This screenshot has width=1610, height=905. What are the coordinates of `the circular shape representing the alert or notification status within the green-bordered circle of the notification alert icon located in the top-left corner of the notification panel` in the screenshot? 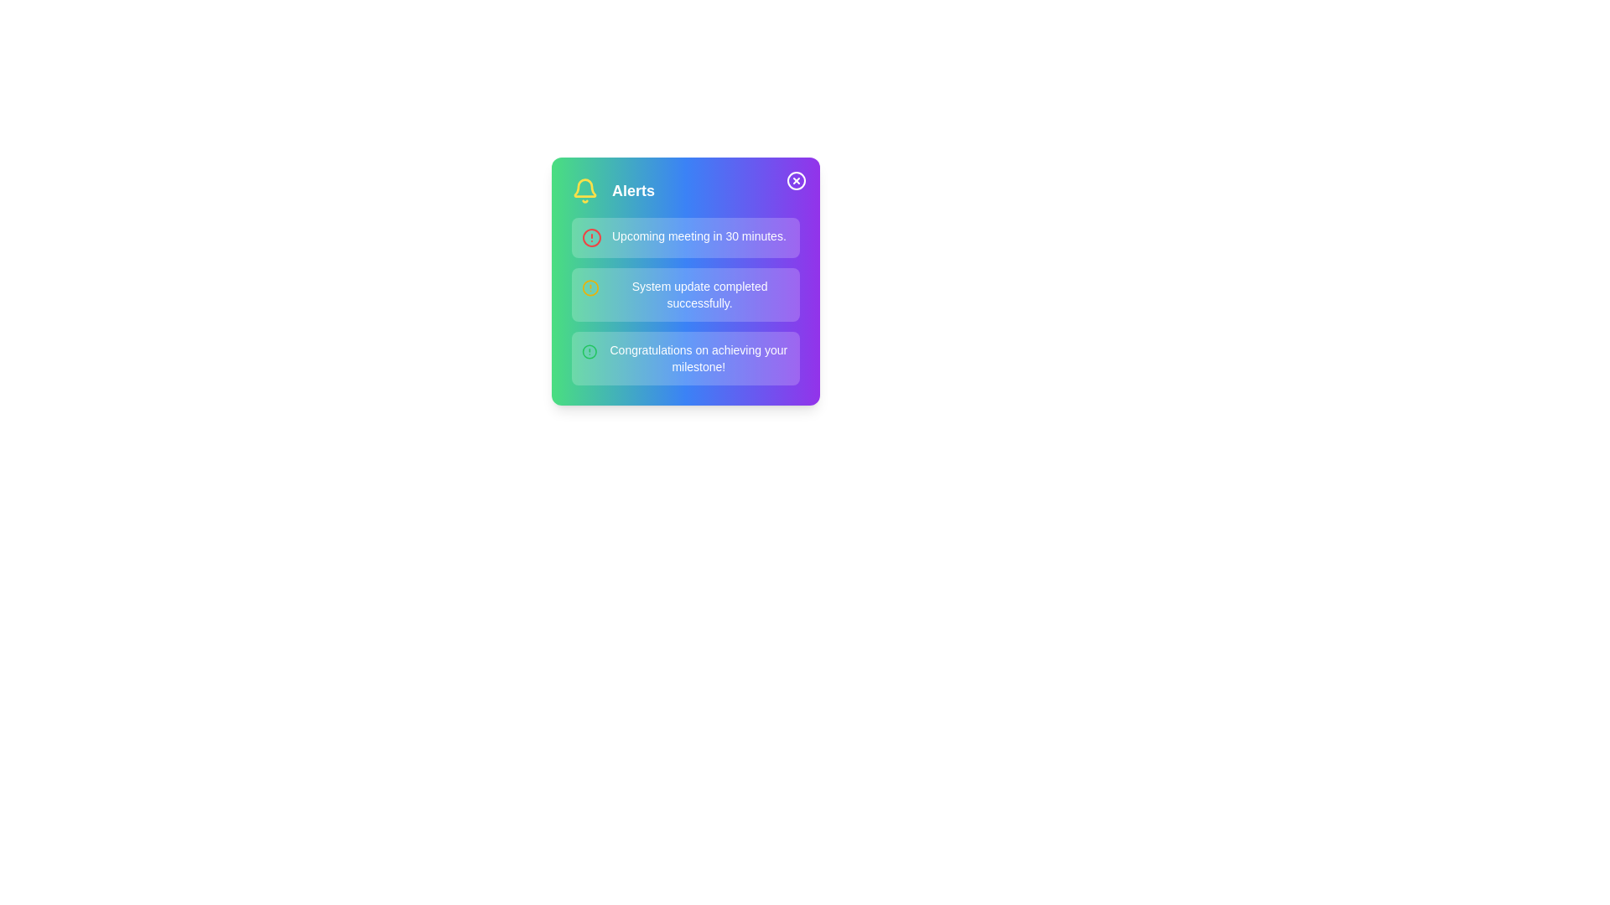 It's located at (589, 351).